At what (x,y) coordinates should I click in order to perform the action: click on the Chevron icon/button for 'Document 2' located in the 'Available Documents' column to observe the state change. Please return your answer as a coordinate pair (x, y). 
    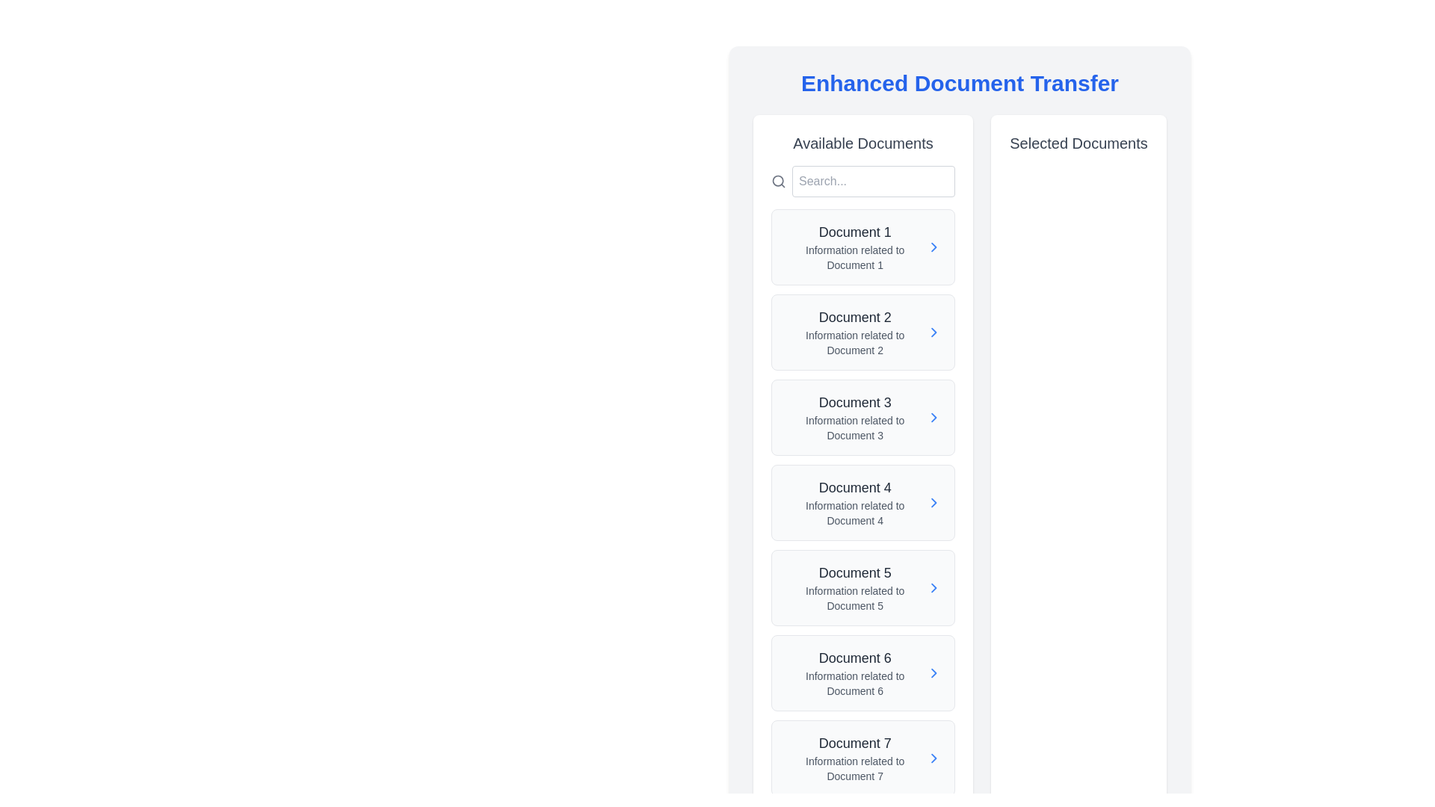
    Looking at the image, I should click on (933, 331).